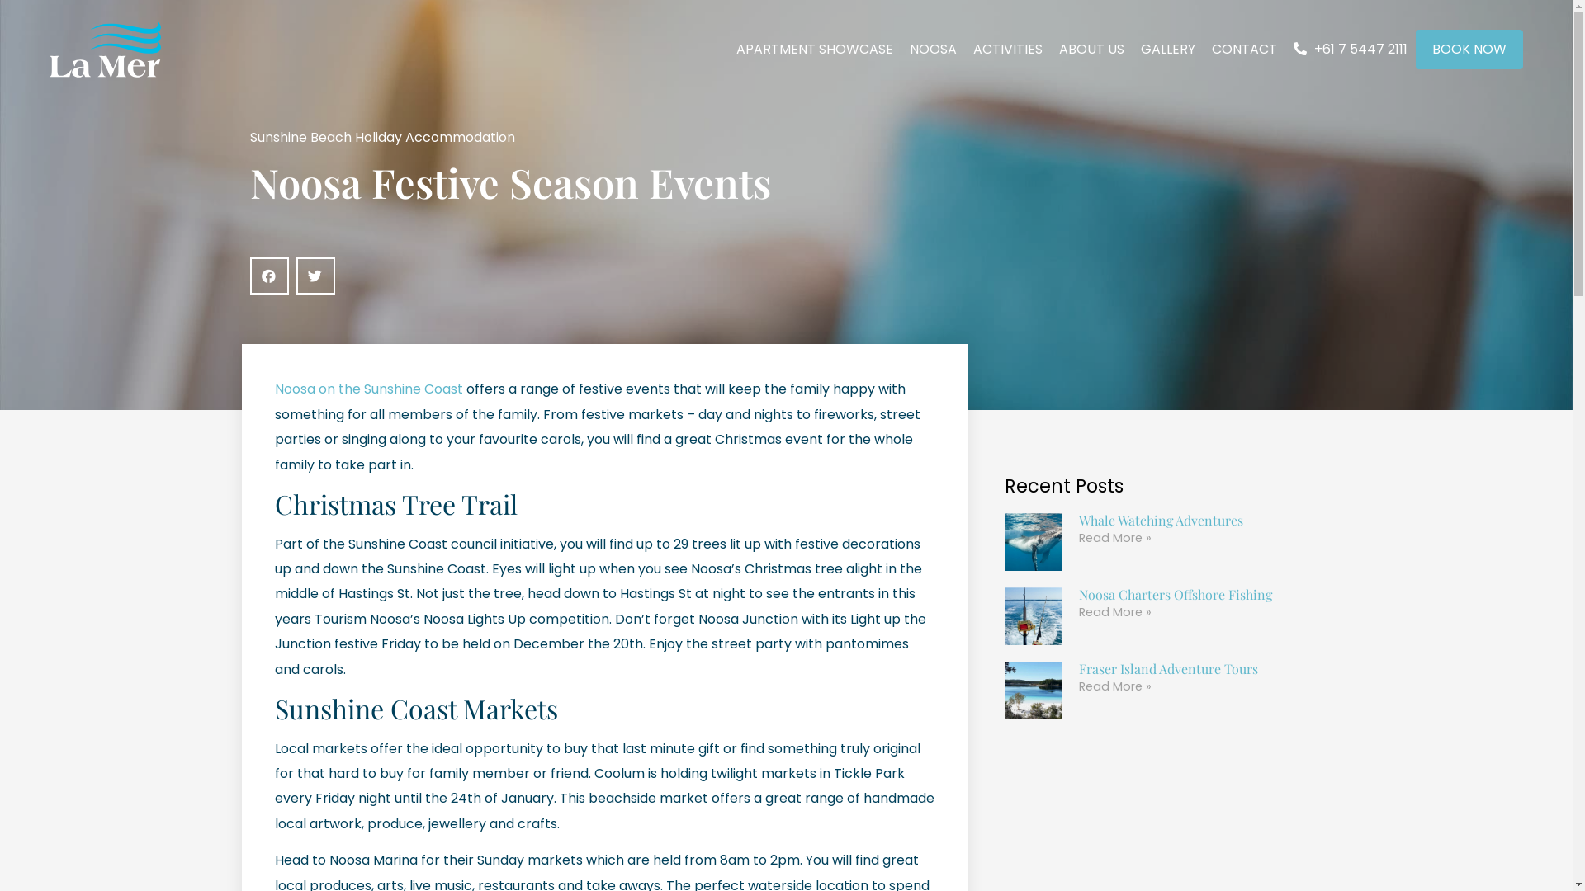 This screenshot has width=1585, height=891. I want to click on 'NOOSA', so click(933, 49).